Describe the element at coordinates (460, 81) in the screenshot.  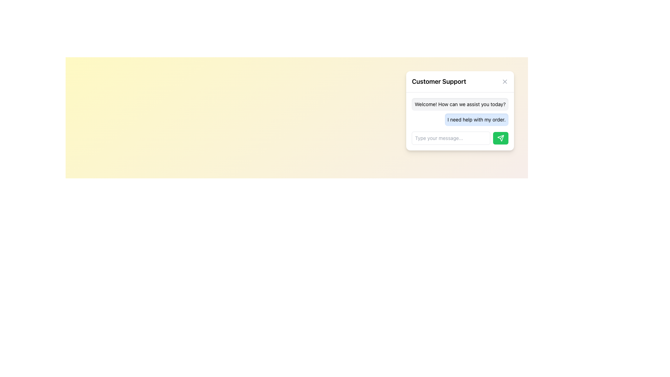
I see `the Header Bar that identifies the dialog box as 'Customer Support'` at that location.